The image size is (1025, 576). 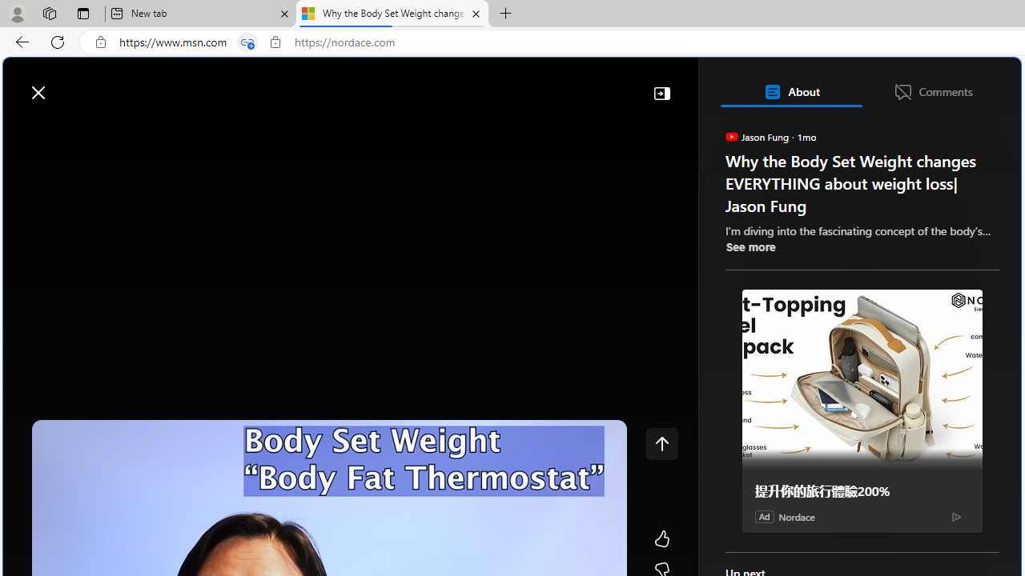 I want to click on 'See more', so click(x=749, y=246).